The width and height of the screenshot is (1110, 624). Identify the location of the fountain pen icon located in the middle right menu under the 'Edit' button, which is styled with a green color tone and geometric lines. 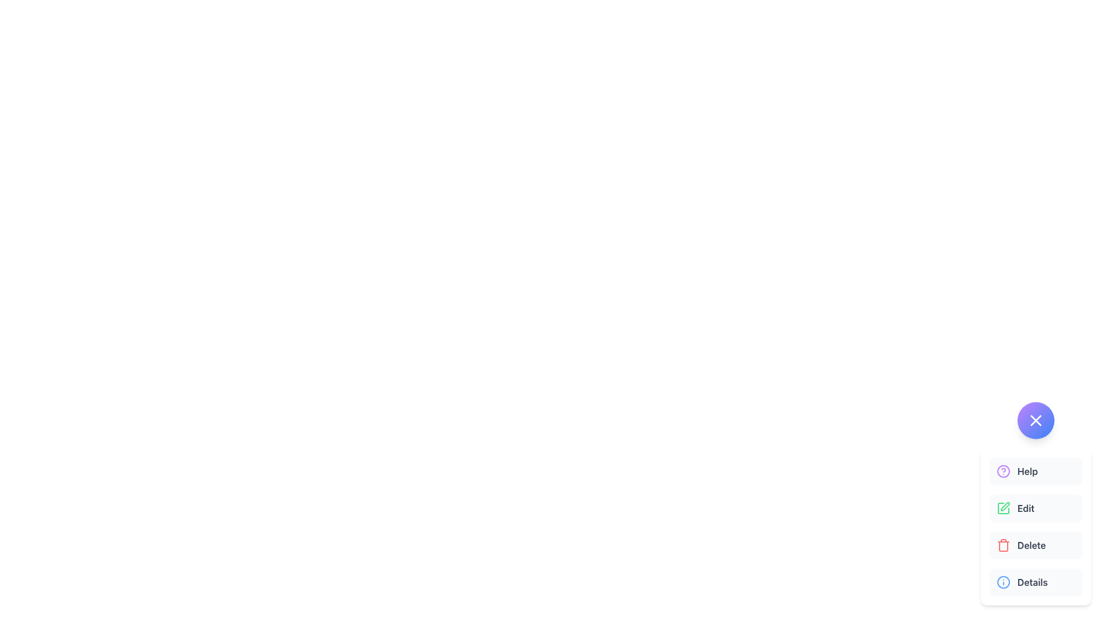
(1004, 506).